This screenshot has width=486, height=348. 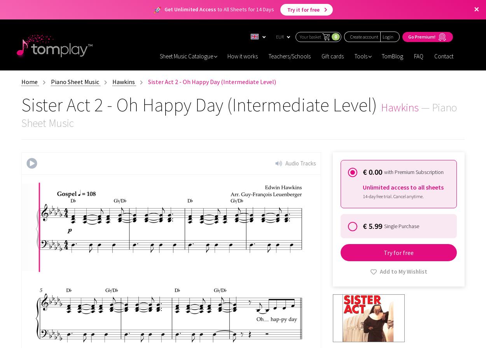 What do you see at coordinates (361, 56) in the screenshot?
I see `'Tools'` at bounding box center [361, 56].